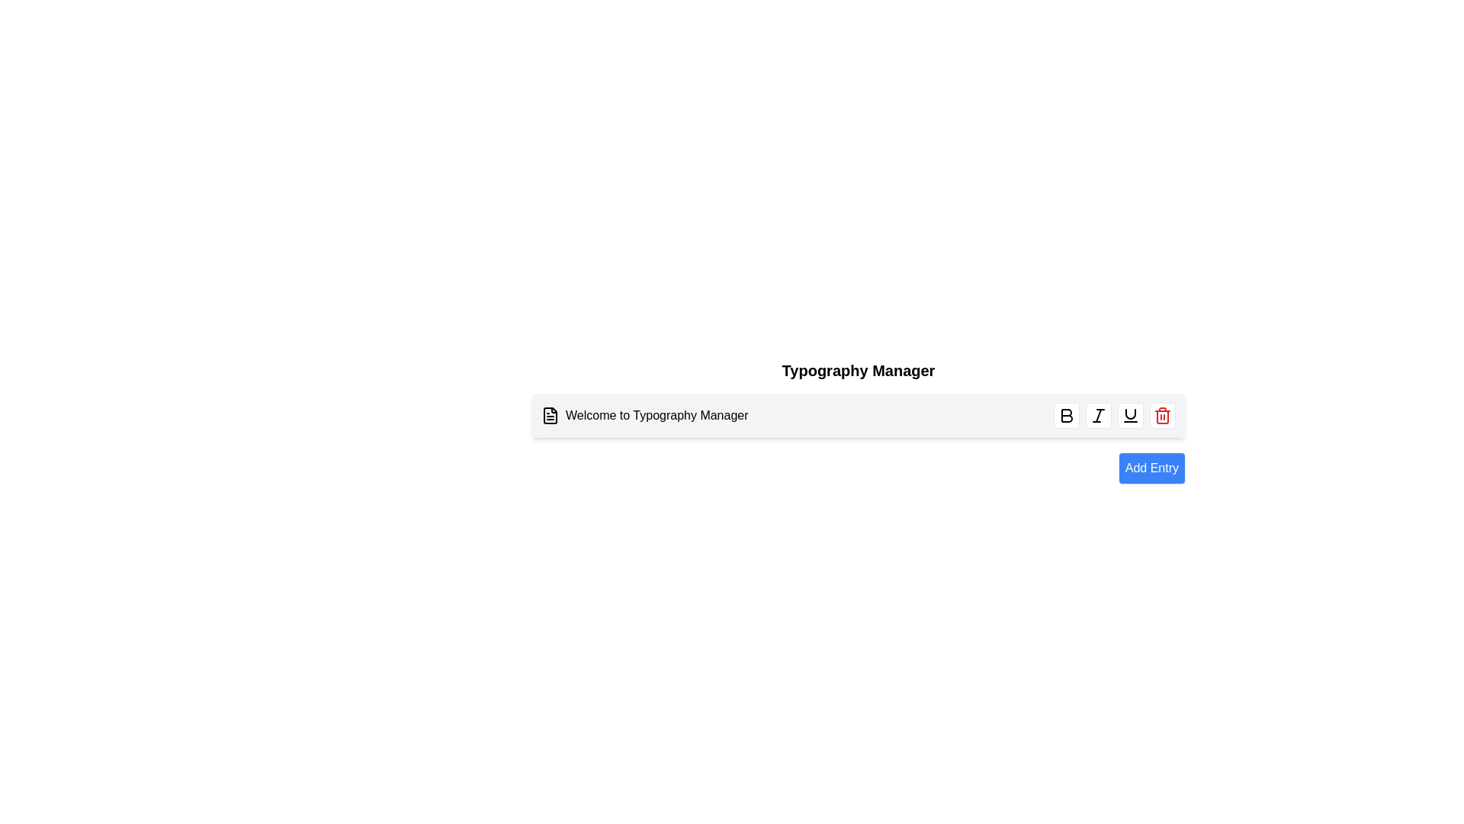 The width and height of the screenshot is (1464, 824). What do you see at coordinates (1066, 415) in the screenshot?
I see `the bold formatting button, which is represented by an icon resembling the letter 'B' with thick lines, located in the toolbar below the 'Welcome to Typography Manager' section, and is the second icon from the left` at bounding box center [1066, 415].